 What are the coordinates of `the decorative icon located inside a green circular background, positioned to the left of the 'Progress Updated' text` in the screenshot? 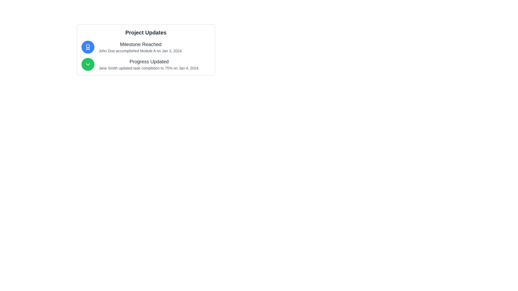 It's located at (88, 64).